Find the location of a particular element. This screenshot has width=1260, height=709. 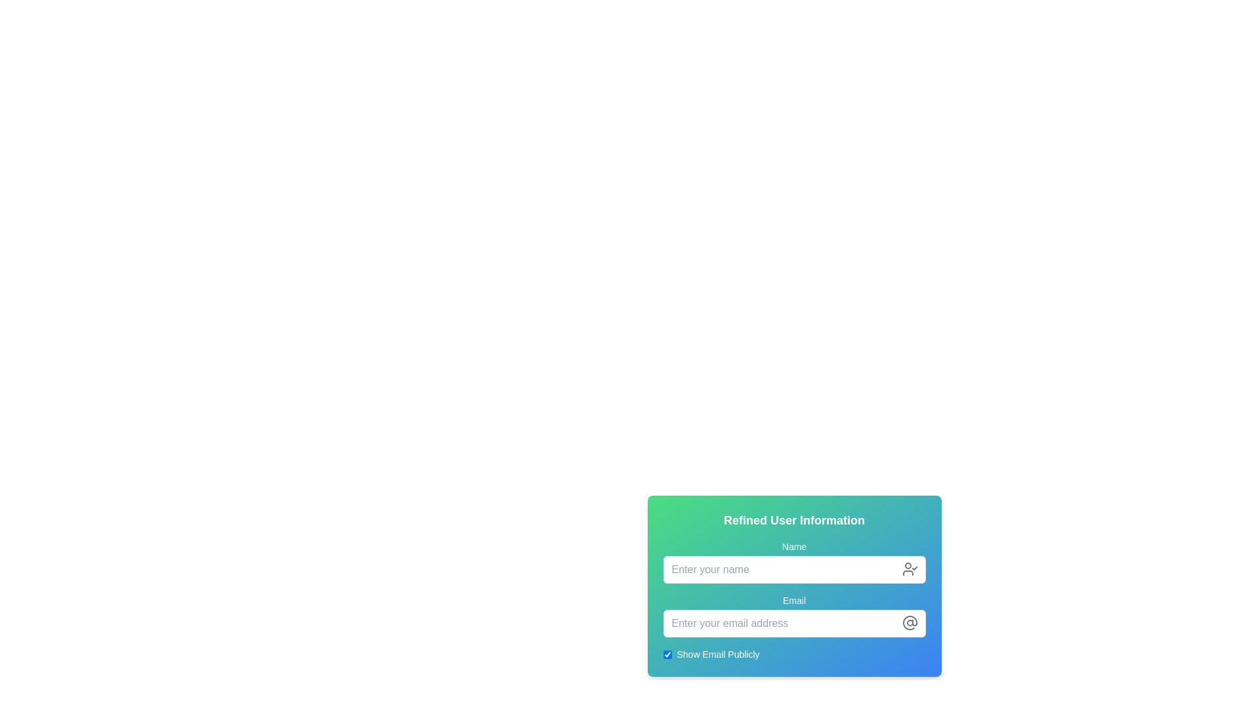

the gray curved line icon that is part of the '@' symbol located to the right of the email input field is located at coordinates (909, 622).